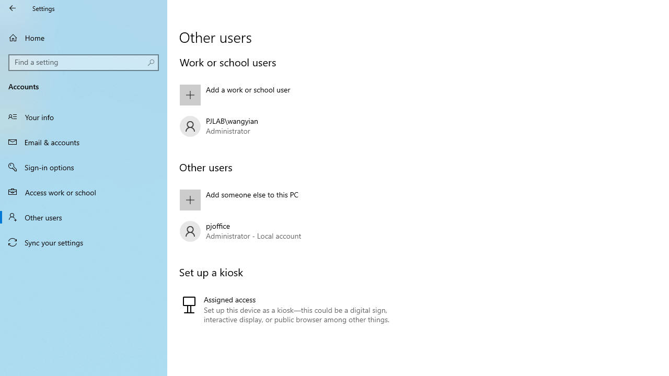 This screenshot has height=376, width=669. Describe the element at coordinates (84, 142) in the screenshot. I see `'Email & accounts'` at that location.